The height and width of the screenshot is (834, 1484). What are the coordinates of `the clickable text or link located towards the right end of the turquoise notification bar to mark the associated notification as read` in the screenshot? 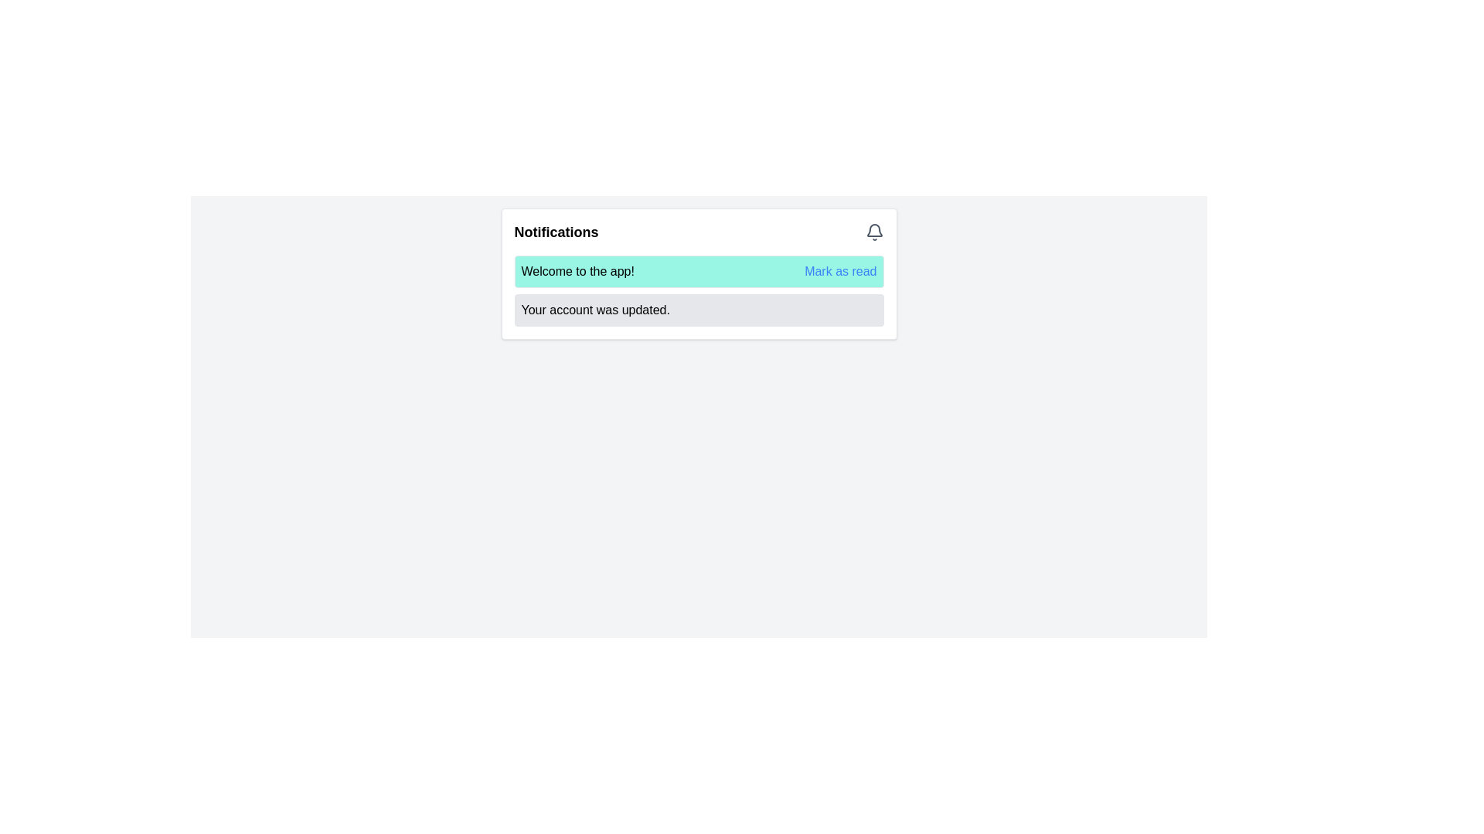 It's located at (839, 270).